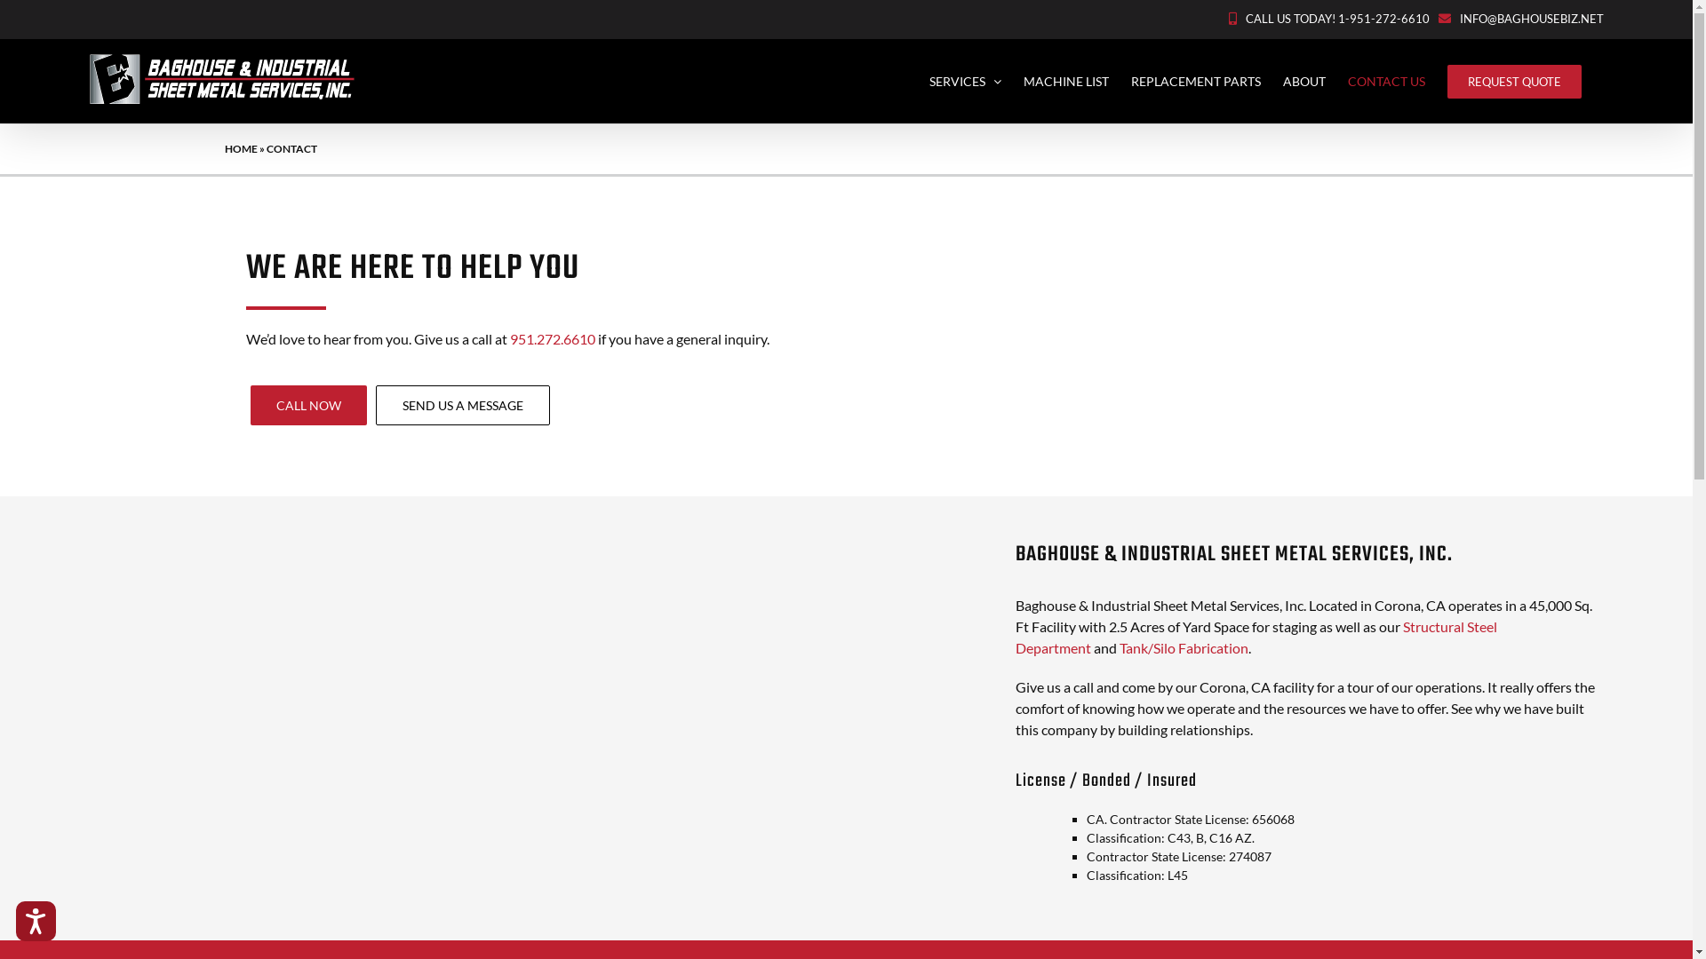 Image resolution: width=1706 pixels, height=959 pixels. Describe the element at coordinates (239, 147) in the screenshot. I see `'HOME'` at that location.